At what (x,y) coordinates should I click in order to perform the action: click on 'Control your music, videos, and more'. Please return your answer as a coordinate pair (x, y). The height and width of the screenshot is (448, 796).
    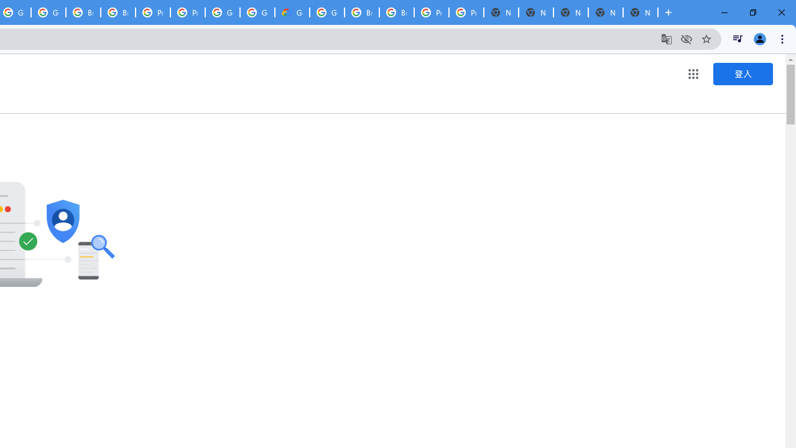
    Looking at the image, I should click on (737, 38).